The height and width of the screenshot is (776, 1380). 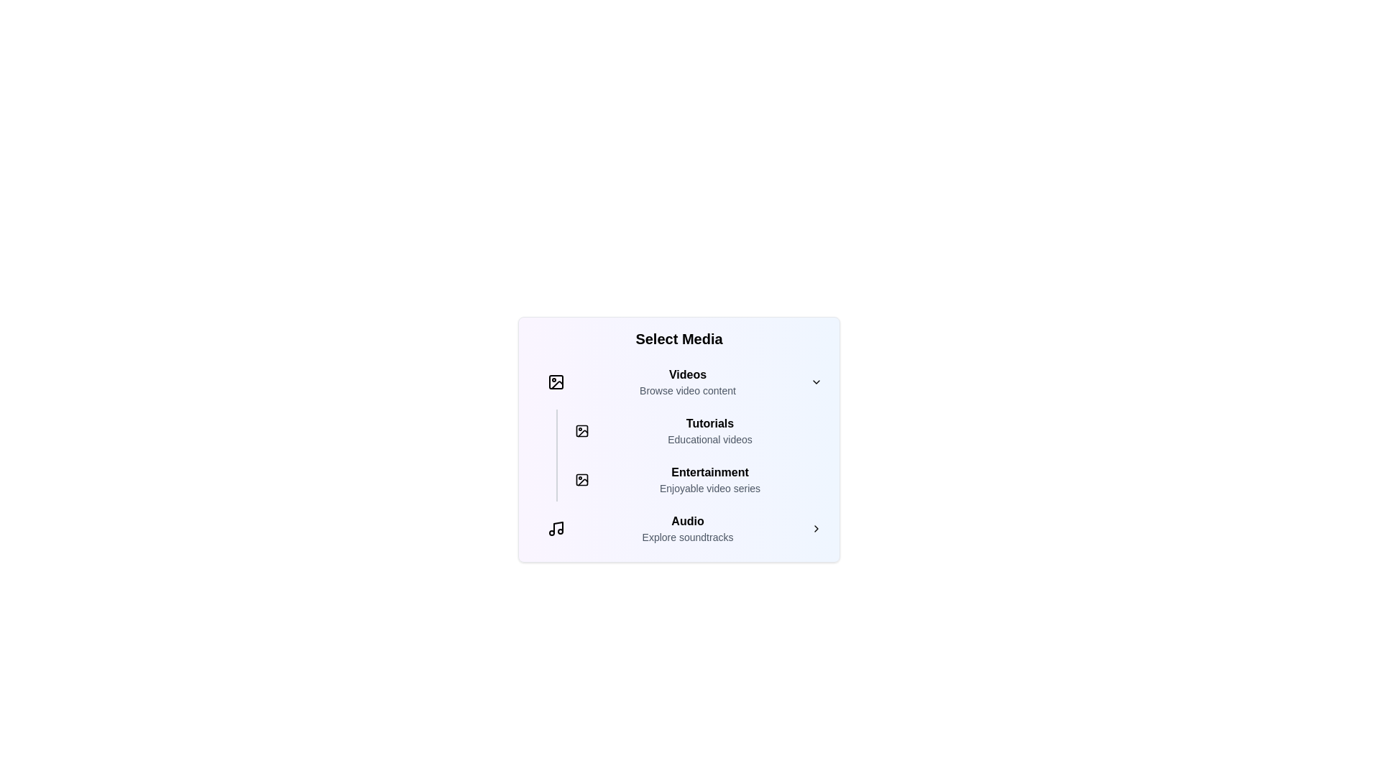 What do you see at coordinates (686, 382) in the screenshot?
I see `to select the 'Videos' option from the vertically stacked list of media categories, which is centrally aligned below the main heading 'Select Media.'` at bounding box center [686, 382].